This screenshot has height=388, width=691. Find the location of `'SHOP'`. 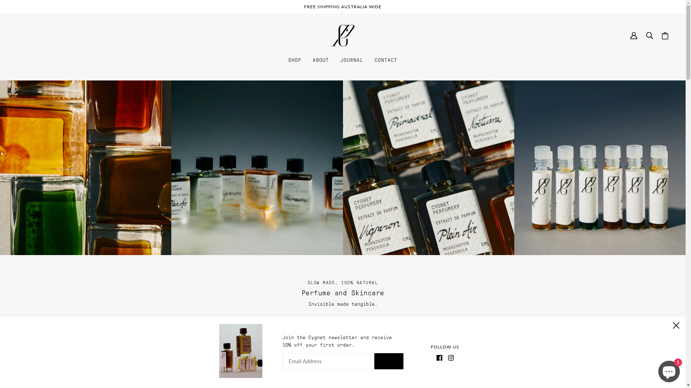

'SHOP' is located at coordinates (295, 60).